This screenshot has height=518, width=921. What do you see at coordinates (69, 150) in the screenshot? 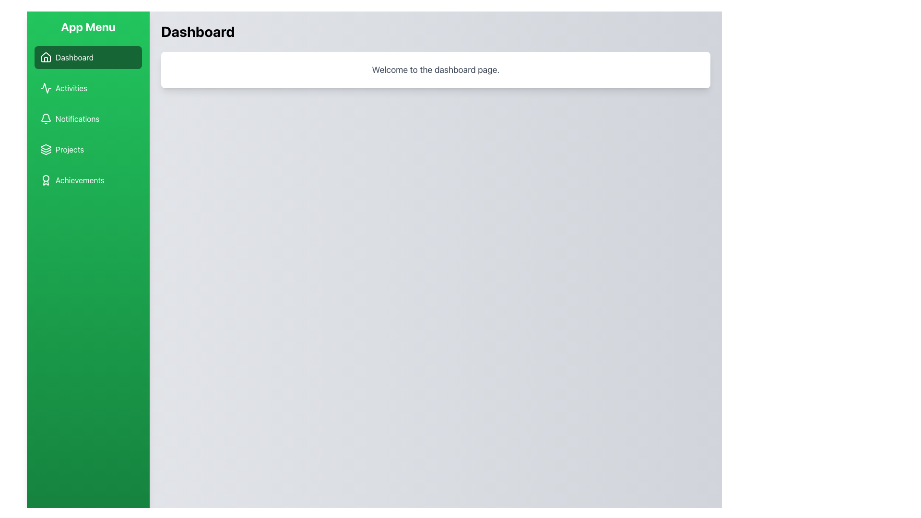
I see `text of the 'Projects' label located in the sidebar menu, which is the fourth item after 'Dashboard,' 'Activities,' and 'Notifications.'` at bounding box center [69, 150].